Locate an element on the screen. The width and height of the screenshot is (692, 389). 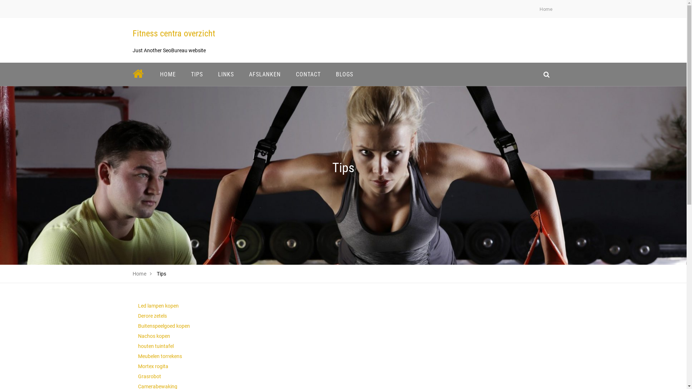
'Home' is located at coordinates (546, 9).